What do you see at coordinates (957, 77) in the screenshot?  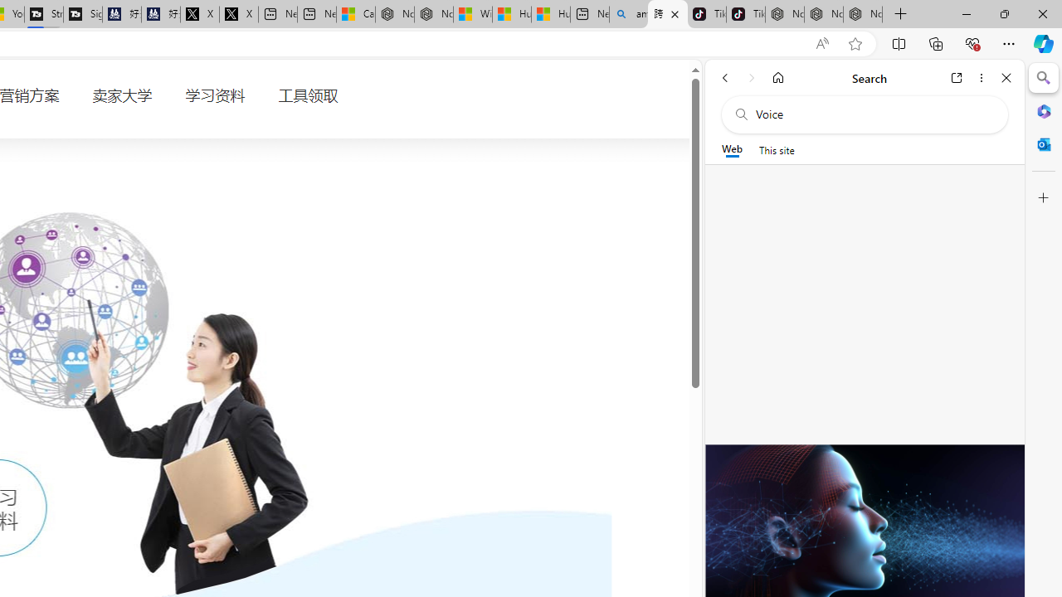 I see `'Open link in new tab'` at bounding box center [957, 77].